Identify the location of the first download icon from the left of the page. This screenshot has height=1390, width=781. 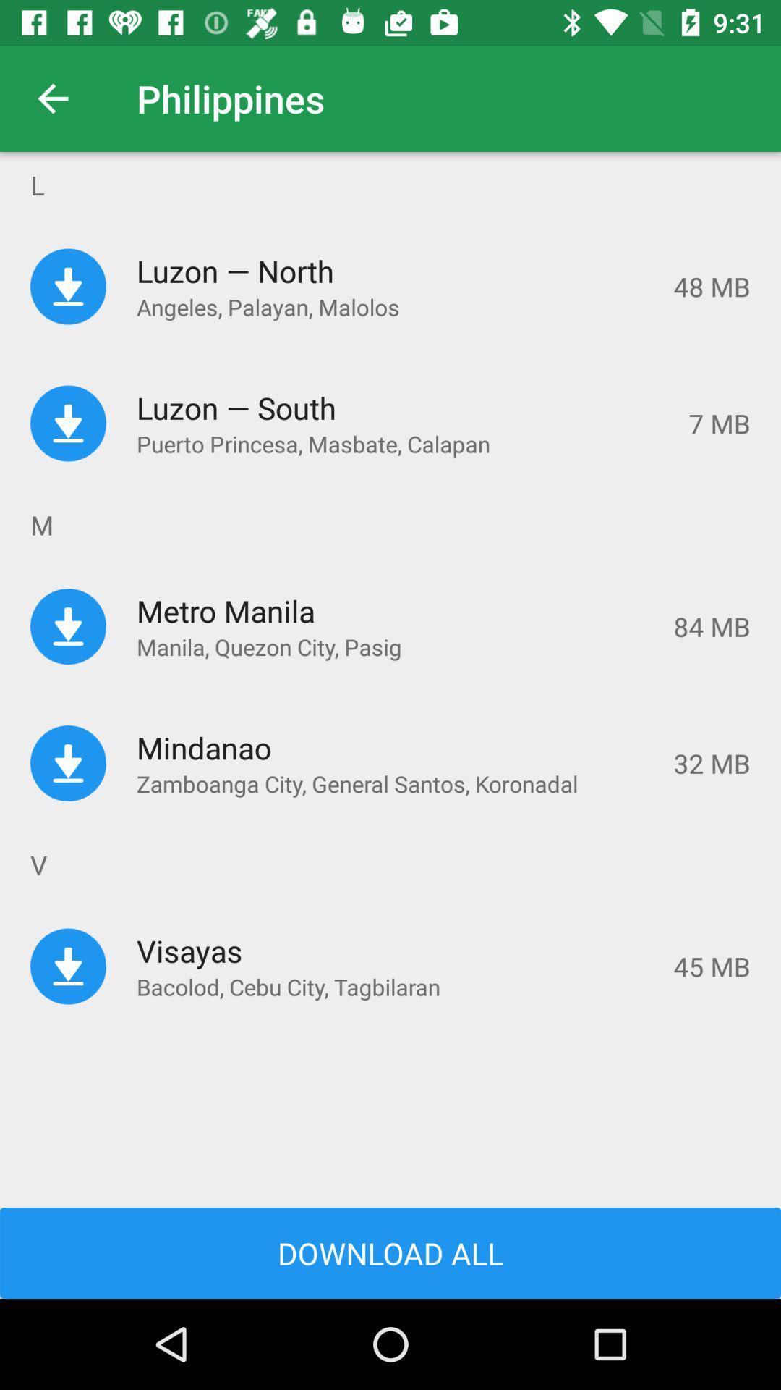
(68, 287).